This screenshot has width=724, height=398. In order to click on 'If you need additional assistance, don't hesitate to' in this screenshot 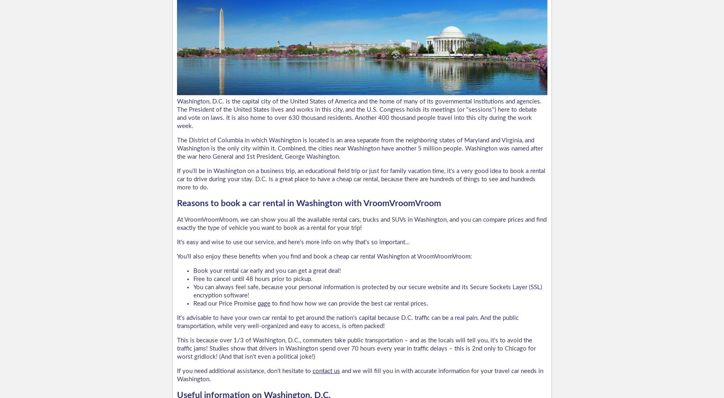, I will do `click(176, 370)`.